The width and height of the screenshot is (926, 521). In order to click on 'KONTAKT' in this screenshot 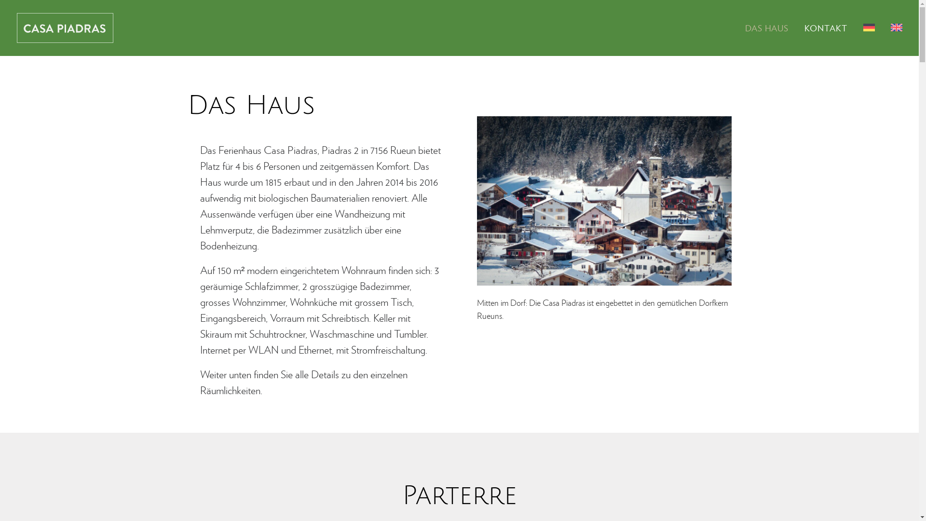, I will do `click(825, 27)`.